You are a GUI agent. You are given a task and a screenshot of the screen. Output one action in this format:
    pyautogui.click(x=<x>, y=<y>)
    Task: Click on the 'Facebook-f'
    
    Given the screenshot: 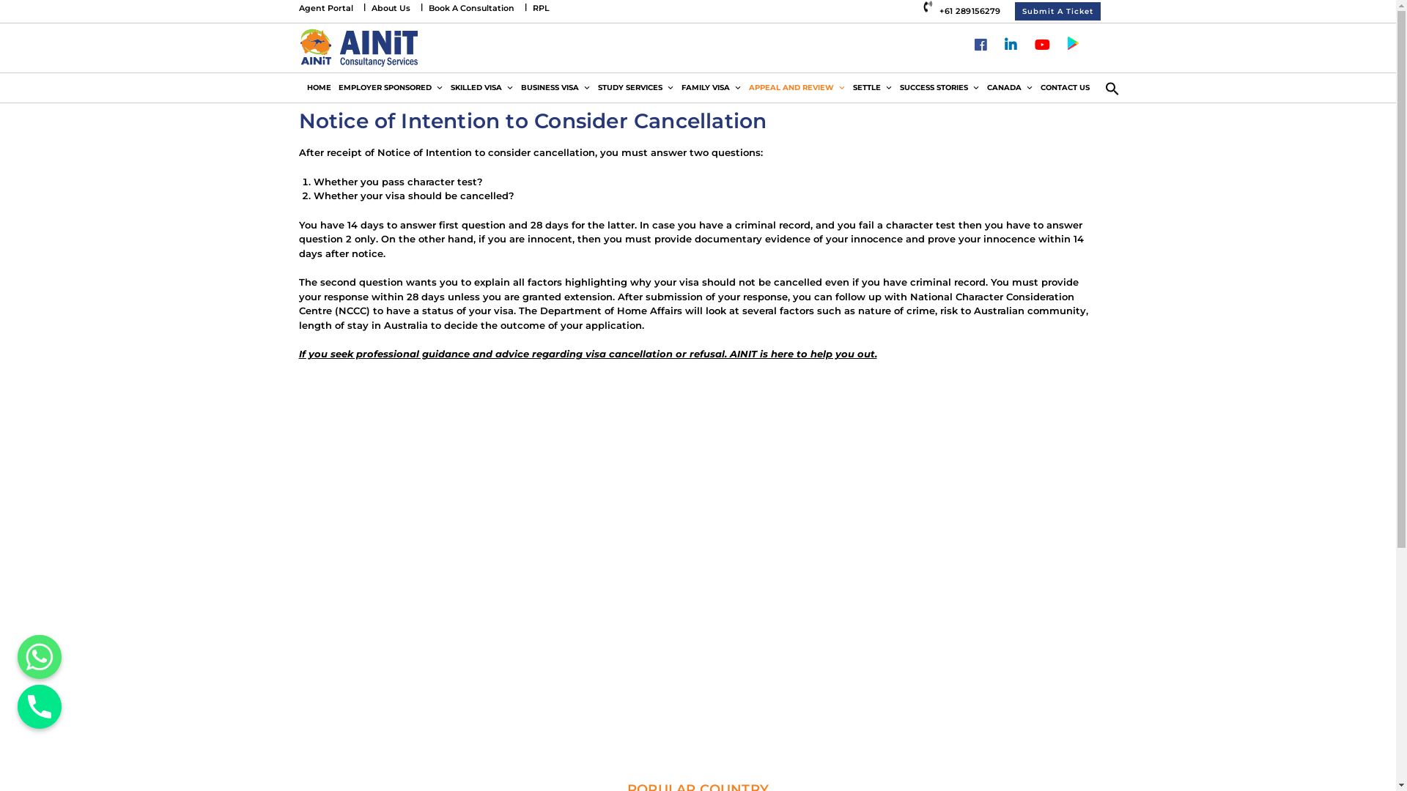 What is the action you would take?
    pyautogui.click(x=981, y=45)
    